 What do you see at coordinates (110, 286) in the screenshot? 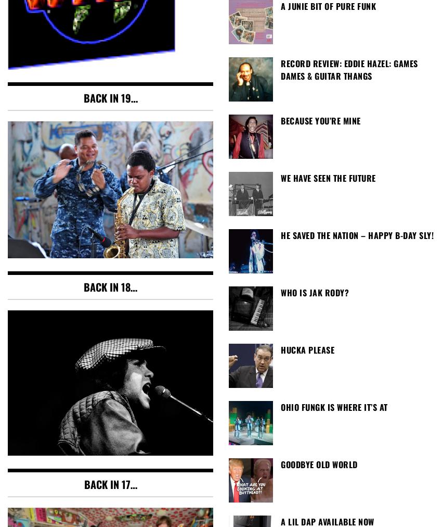
I see `'Back in 18…'` at bounding box center [110, 286].